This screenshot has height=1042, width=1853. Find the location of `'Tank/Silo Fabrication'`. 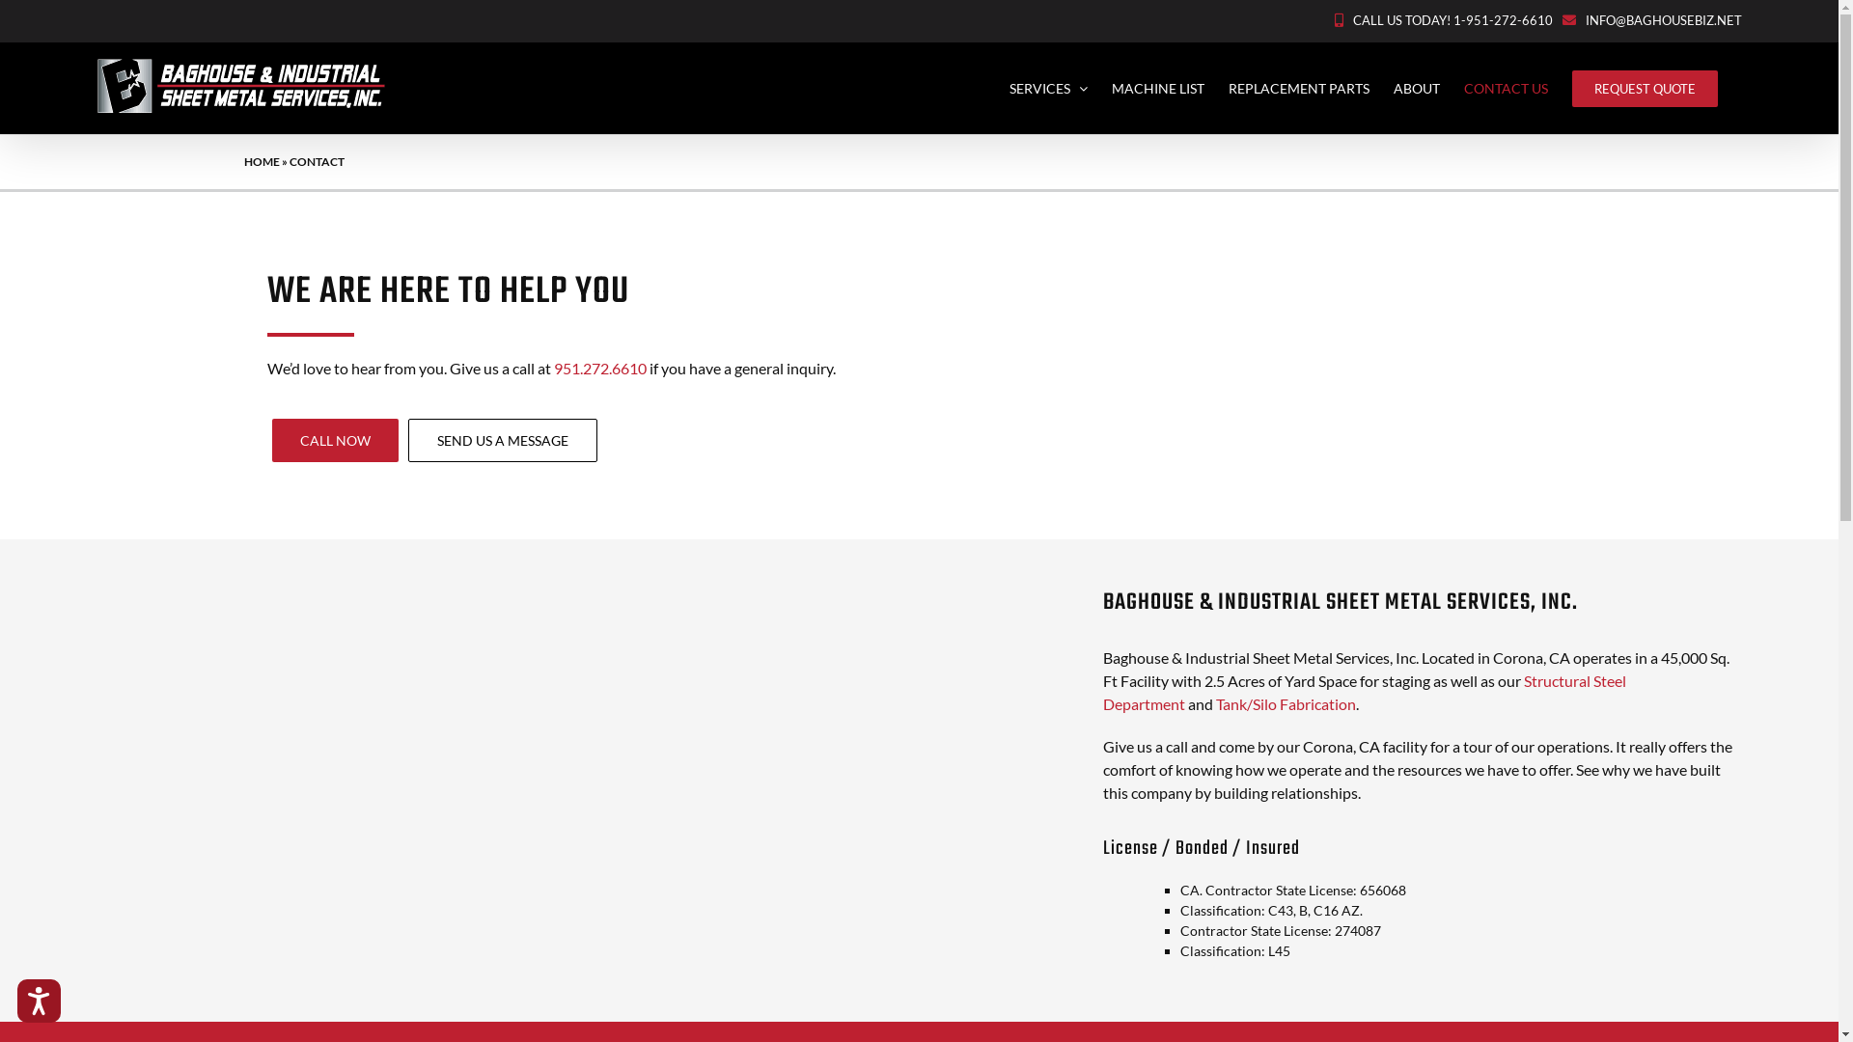

'Tank/Silo Fabrication' is located at coordinates (1286, 703).